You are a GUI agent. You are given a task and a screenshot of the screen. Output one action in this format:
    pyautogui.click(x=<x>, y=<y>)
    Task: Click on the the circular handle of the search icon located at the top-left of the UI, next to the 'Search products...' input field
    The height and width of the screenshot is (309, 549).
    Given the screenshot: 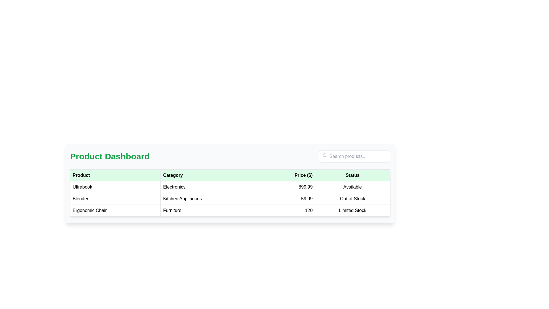 What is the action you would take?
    pyautogui.click(x=325, y=155)
    